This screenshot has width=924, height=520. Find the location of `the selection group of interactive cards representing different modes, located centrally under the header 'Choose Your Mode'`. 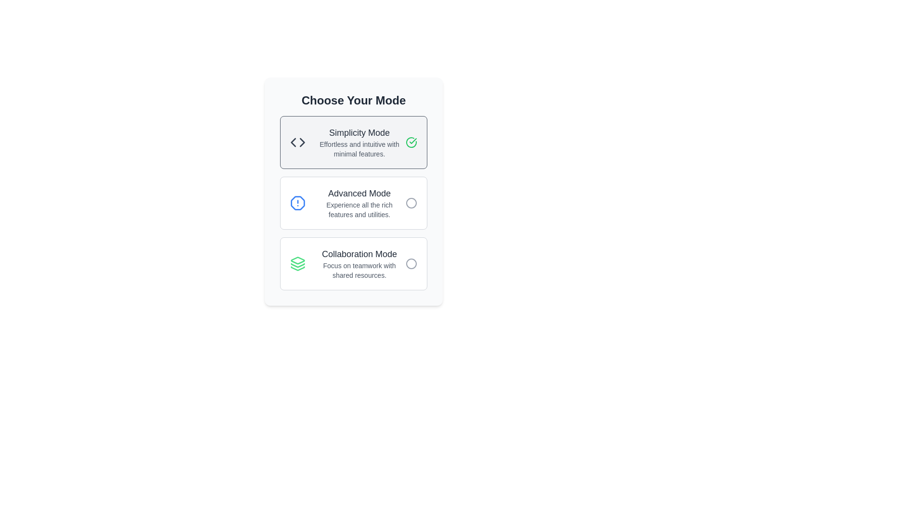

the selection group of interactive cards representing different modes, located centrally under the header 'Choose Your Mode' is located at coordinates (353, 202).